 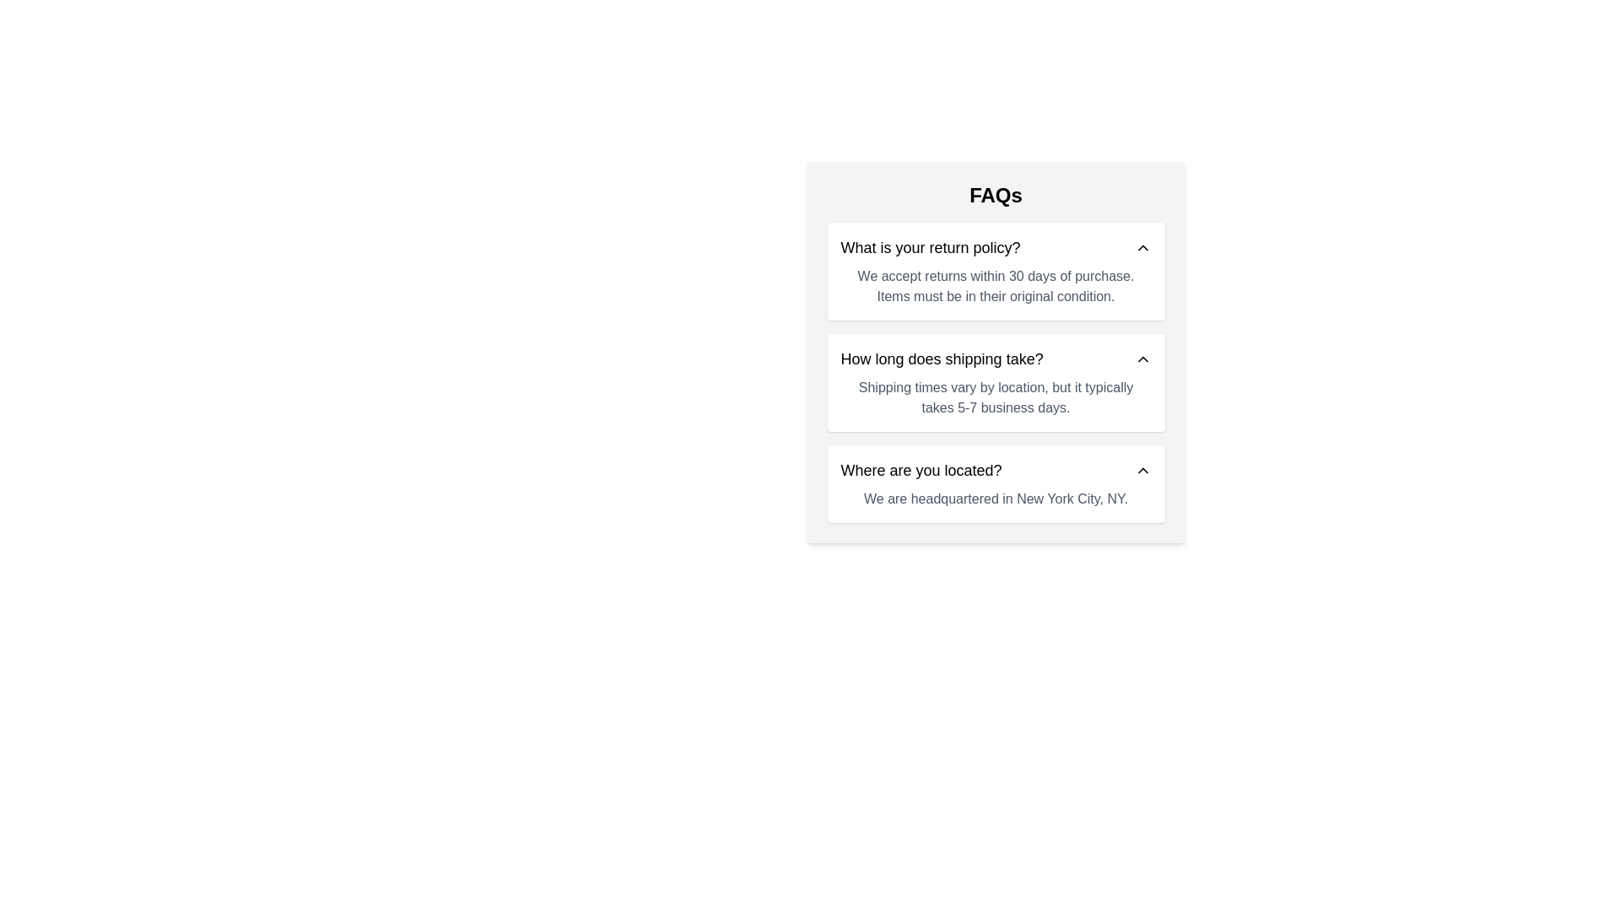 What do you see at coordinates (1142, 247) in the screenshot?
I see `the chevron SVG icon located on the right side of the row labeled 'What is your return policy?'` at bounding box center [1142, 247].